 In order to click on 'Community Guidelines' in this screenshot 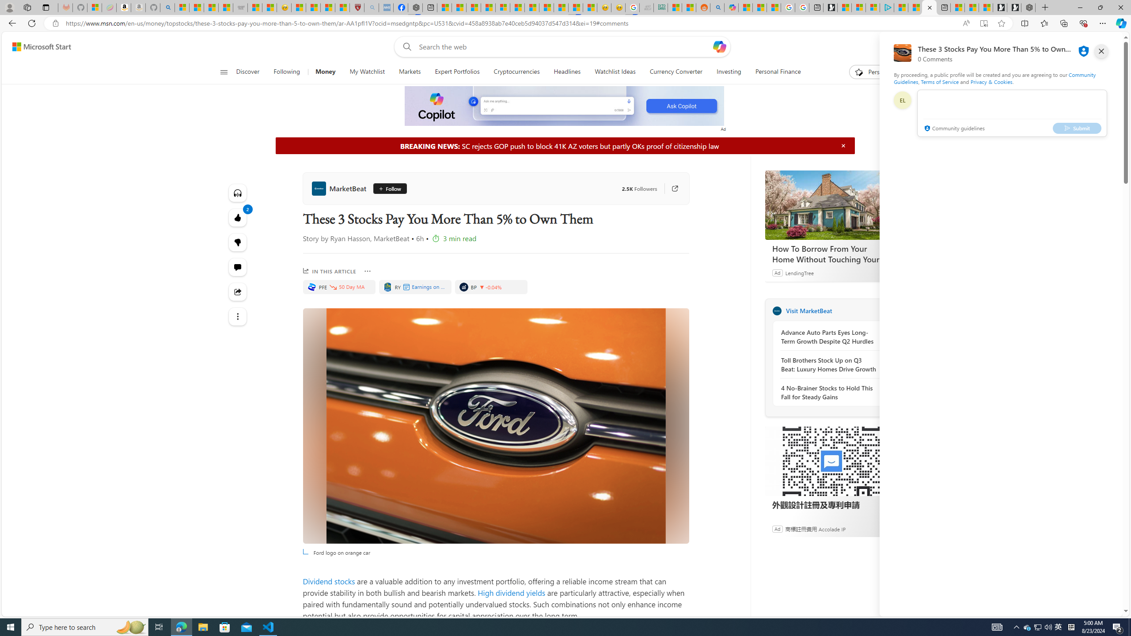, I will do `click(994, 78)`.